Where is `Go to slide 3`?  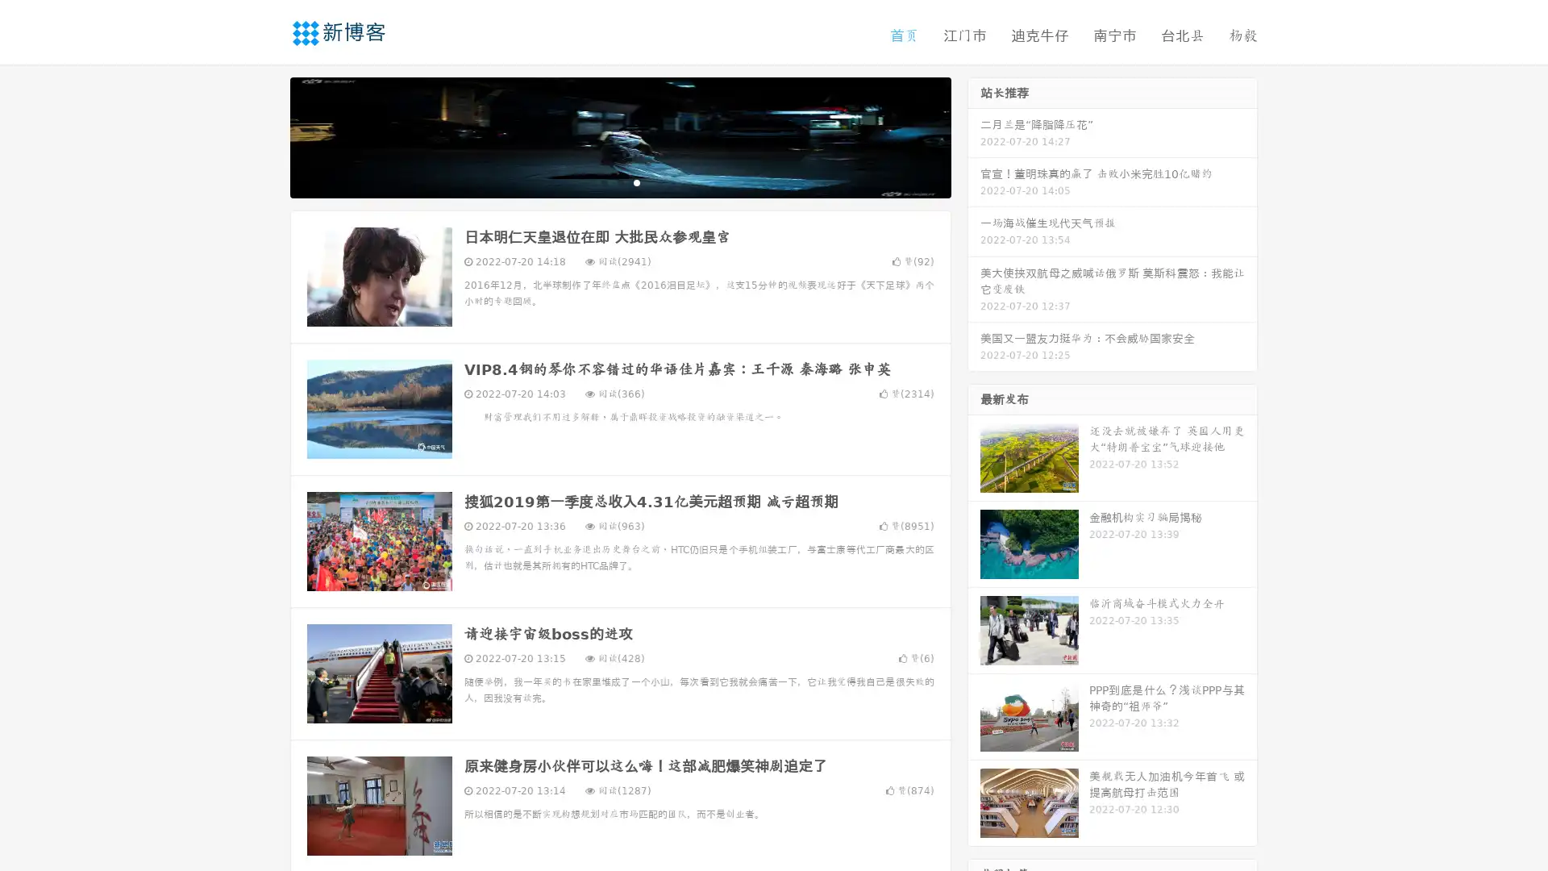 Go to slide 3 is located at coordinates (636, 181).